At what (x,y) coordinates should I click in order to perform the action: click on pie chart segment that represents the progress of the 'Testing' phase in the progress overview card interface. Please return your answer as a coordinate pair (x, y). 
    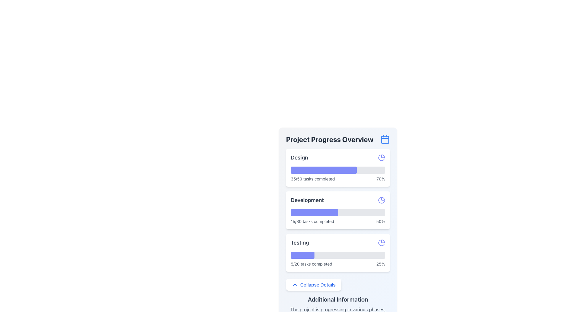
    Looking at the image, I should click on (381, 243).